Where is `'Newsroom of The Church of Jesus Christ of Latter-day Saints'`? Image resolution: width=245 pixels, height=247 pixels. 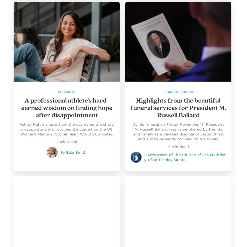 'Newsroom of The Church of Jesus Christ of Latter-day Saints' is located at coordinates (186, 157).